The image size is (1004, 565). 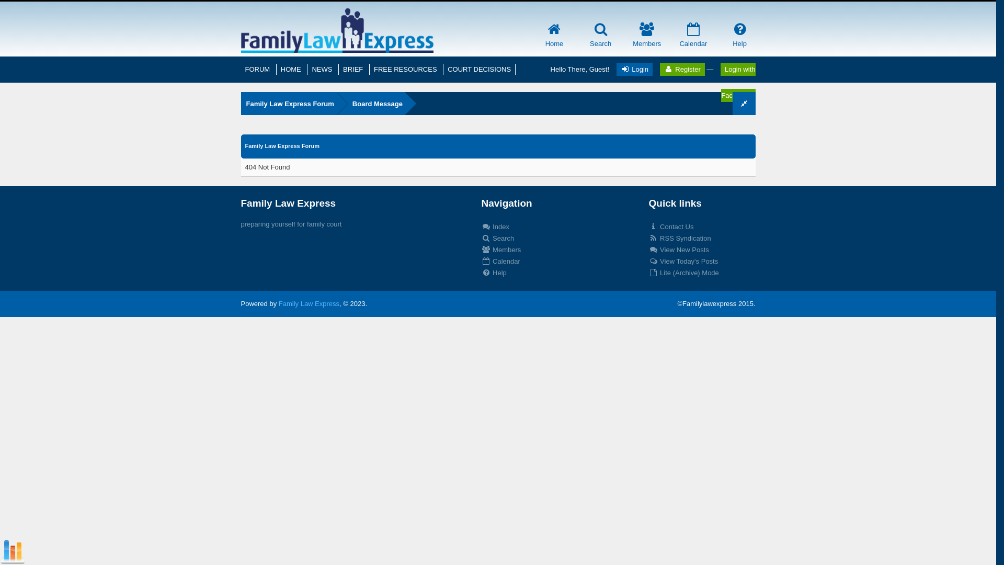 I want to click on 'COURT DECISIONS', so click(x=478, y=69).